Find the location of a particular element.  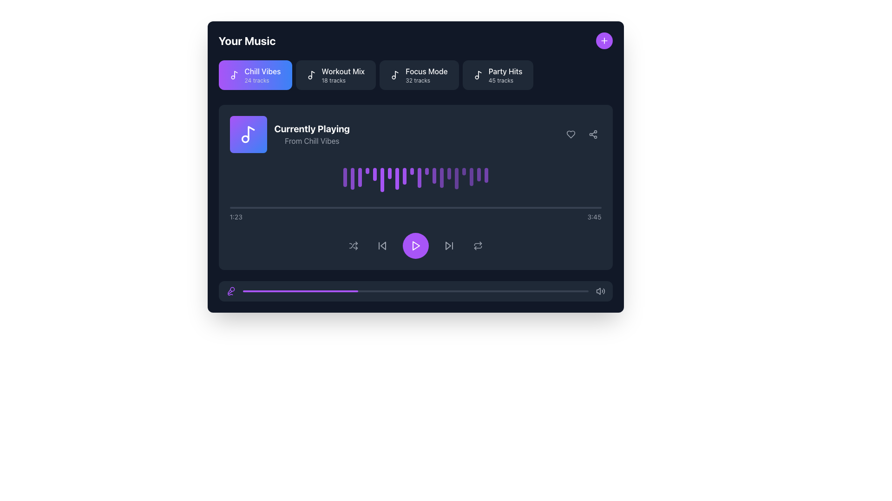

the musical note icon with a white stroke color, located inside a gradient-filled rounded rectangle to the left of the 'Currently Playing' text is located at coordinates (248, 134).